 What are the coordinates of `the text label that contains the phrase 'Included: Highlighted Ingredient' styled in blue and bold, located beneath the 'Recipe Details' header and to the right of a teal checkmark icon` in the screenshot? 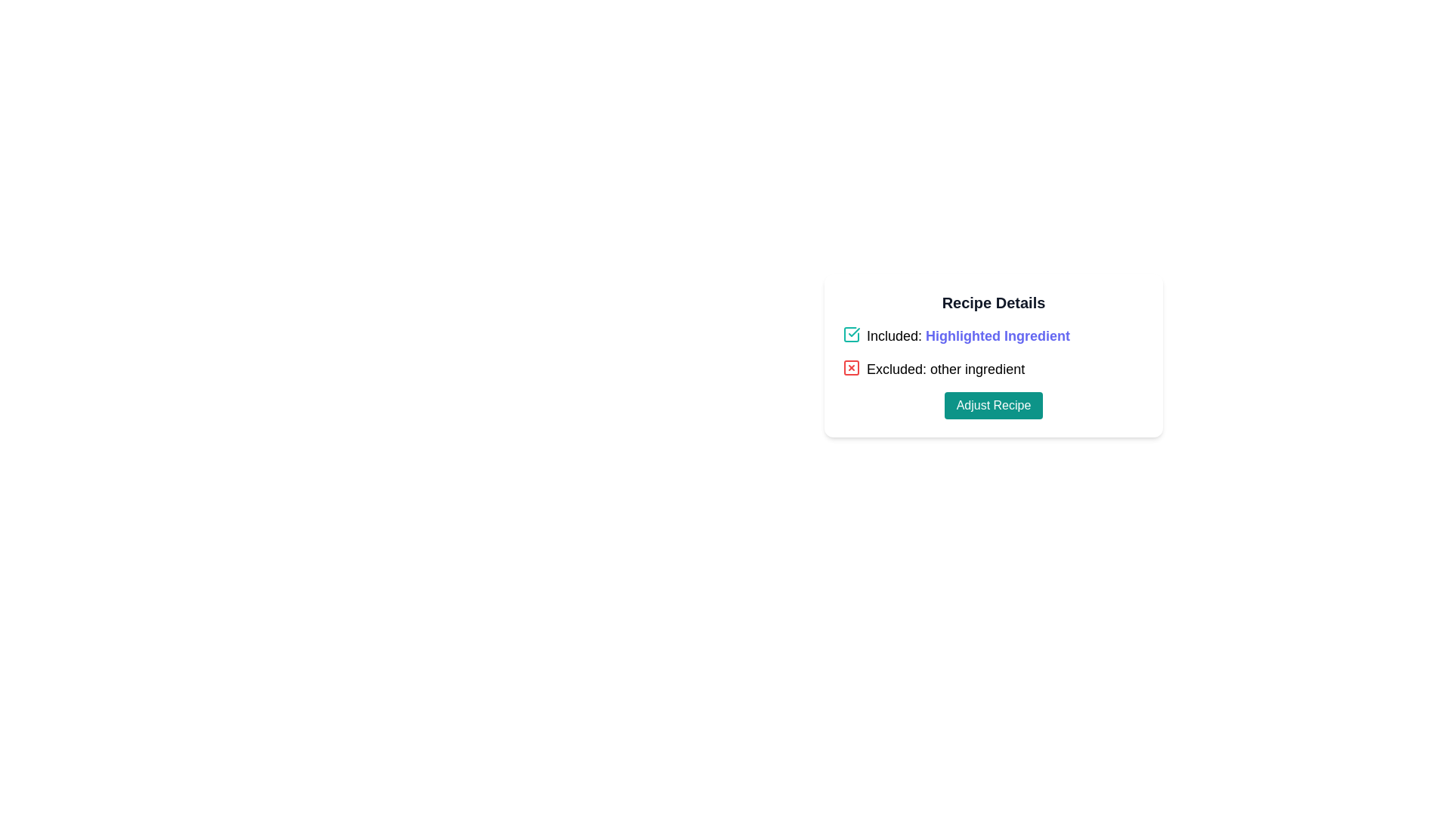 It's located at (968, 335).